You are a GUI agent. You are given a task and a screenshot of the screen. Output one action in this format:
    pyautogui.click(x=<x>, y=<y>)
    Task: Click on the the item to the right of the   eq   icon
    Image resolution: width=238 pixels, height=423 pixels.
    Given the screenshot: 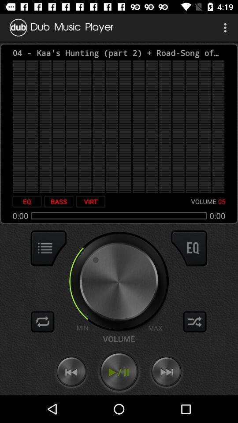 What is the action you would take?
    pyautogui.click(x=59, y=201)
    